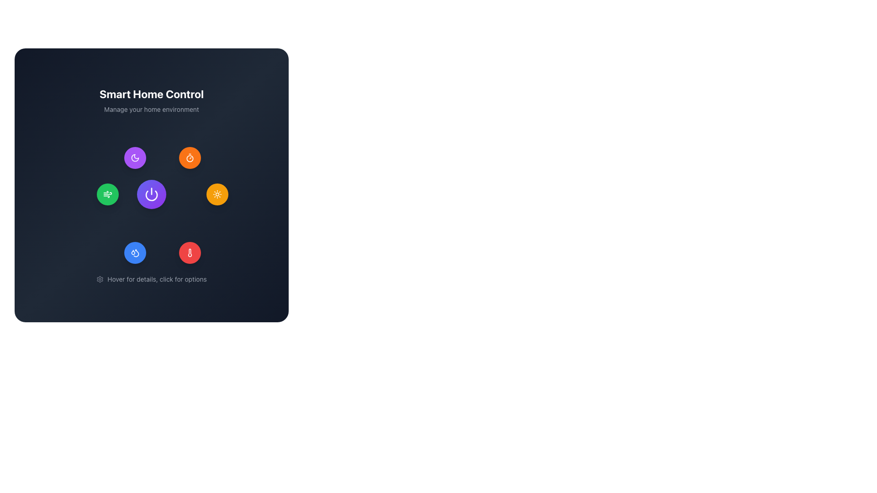 The height and width of the screenshot is (493, 877). Describe the element at coordinates (190, 253) in the screenshot. I see `the red circular button located at the bottom-right corner of the hexagonal cluster of buttons` at that location.